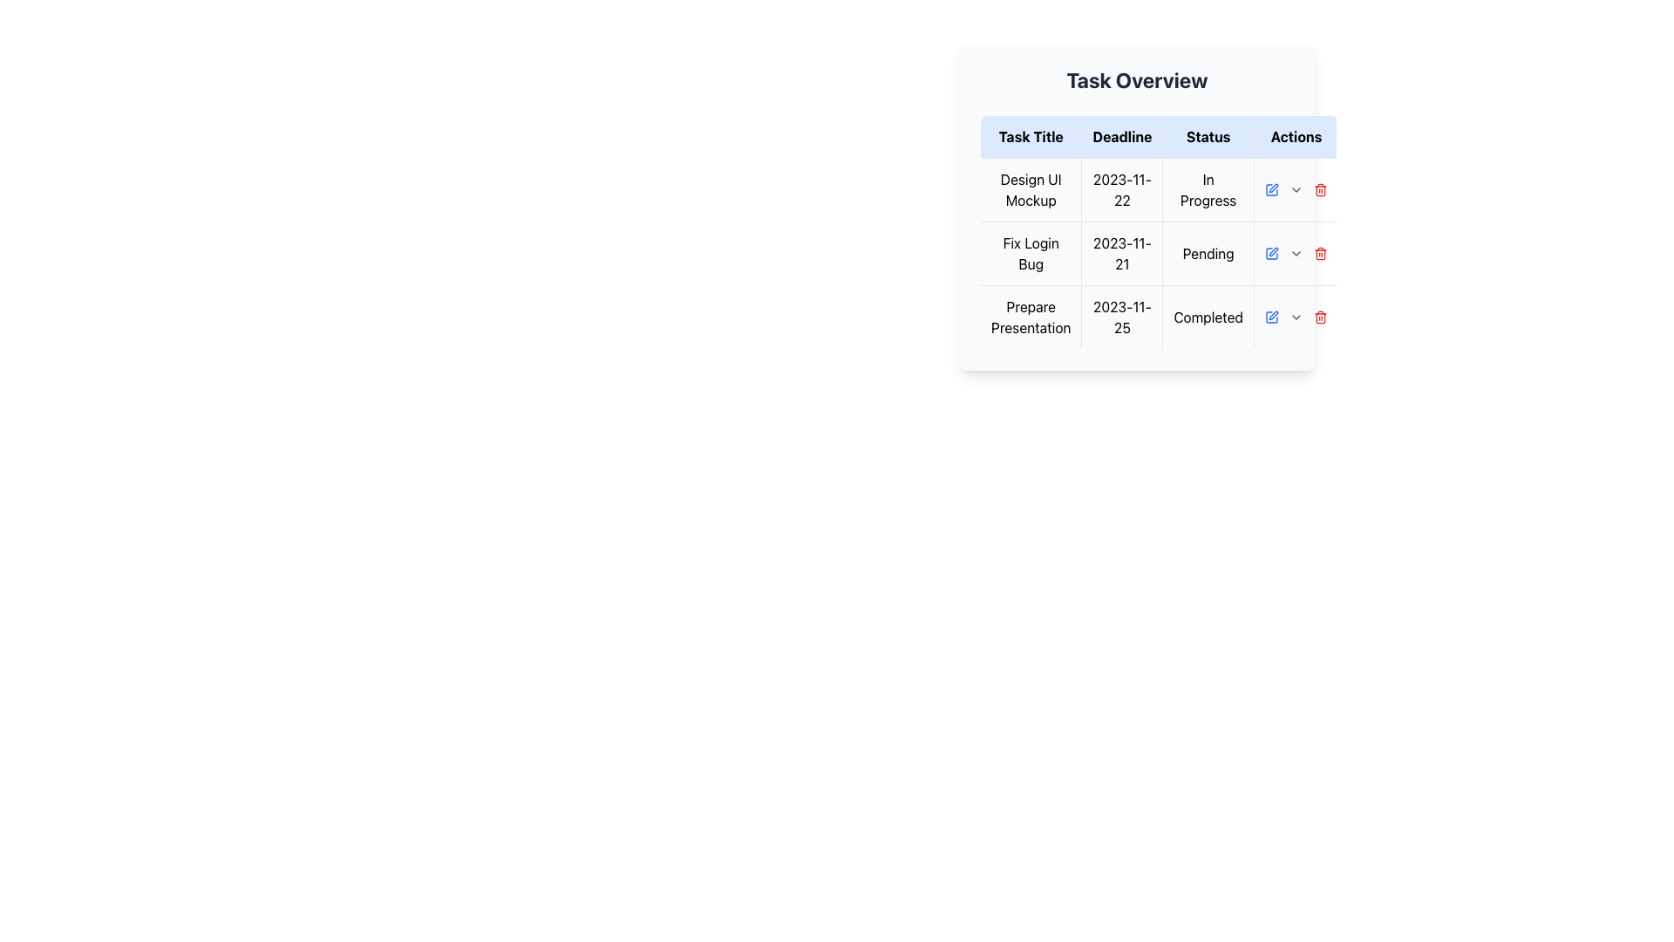  I want to click on the delete icon button located in the Actions column of the third row in the table, so click(1321, 317).